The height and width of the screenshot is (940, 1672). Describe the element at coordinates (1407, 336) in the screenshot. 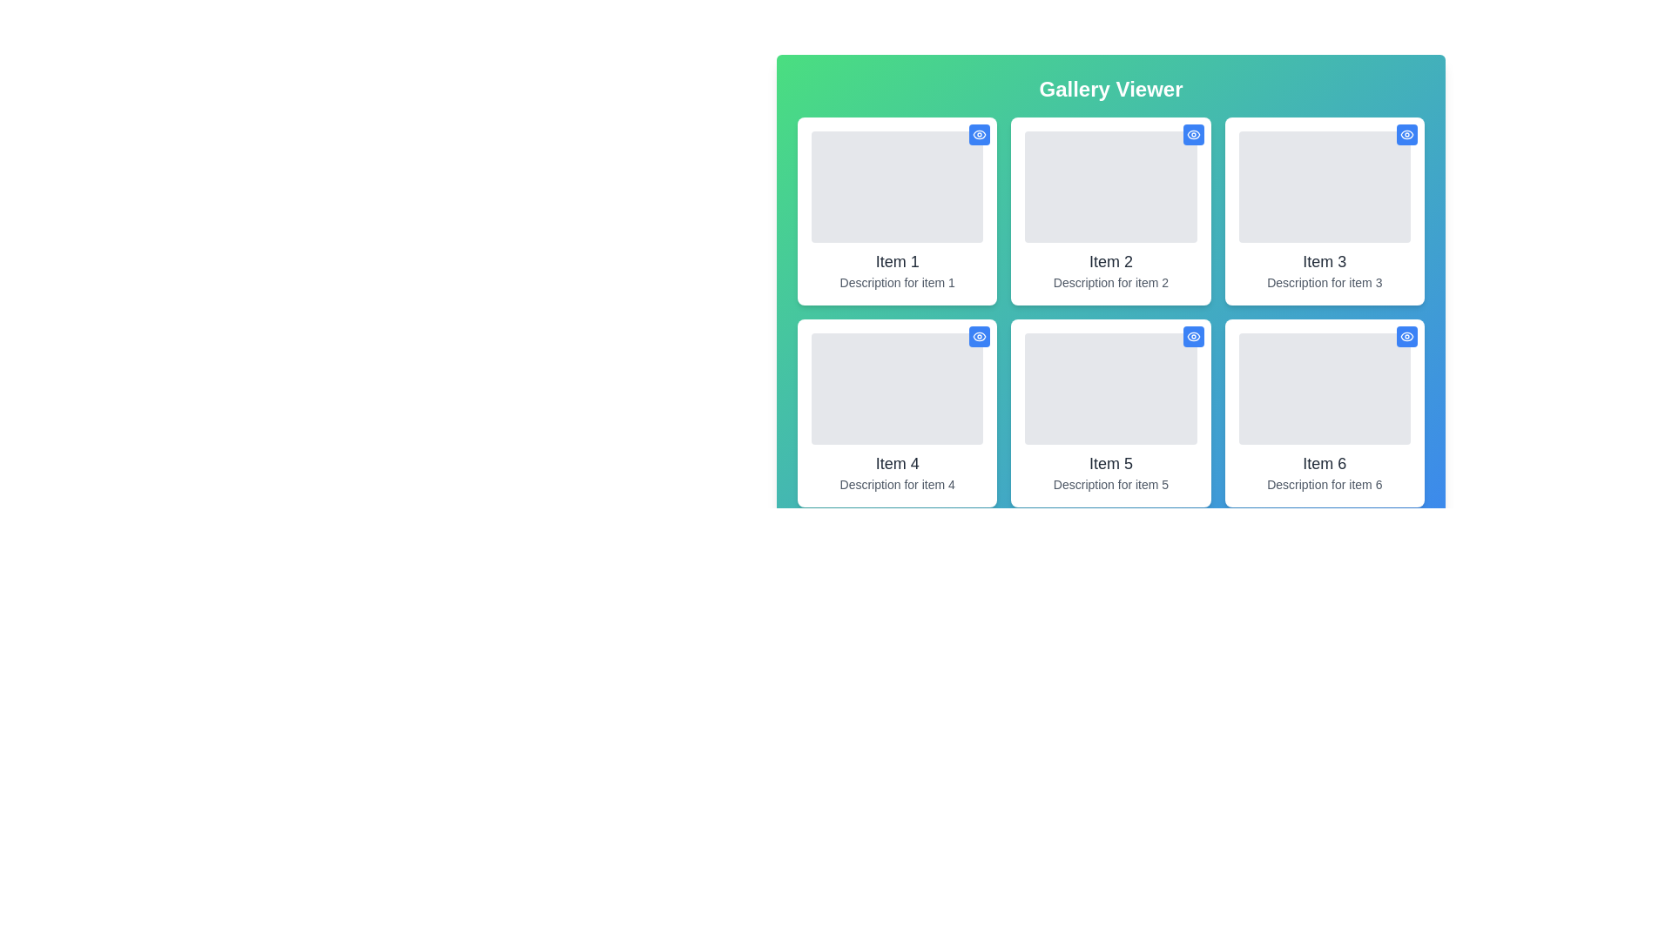

I see `the visibility icon located in the top right corner of the tile labeled 'Item 6'` at that location.